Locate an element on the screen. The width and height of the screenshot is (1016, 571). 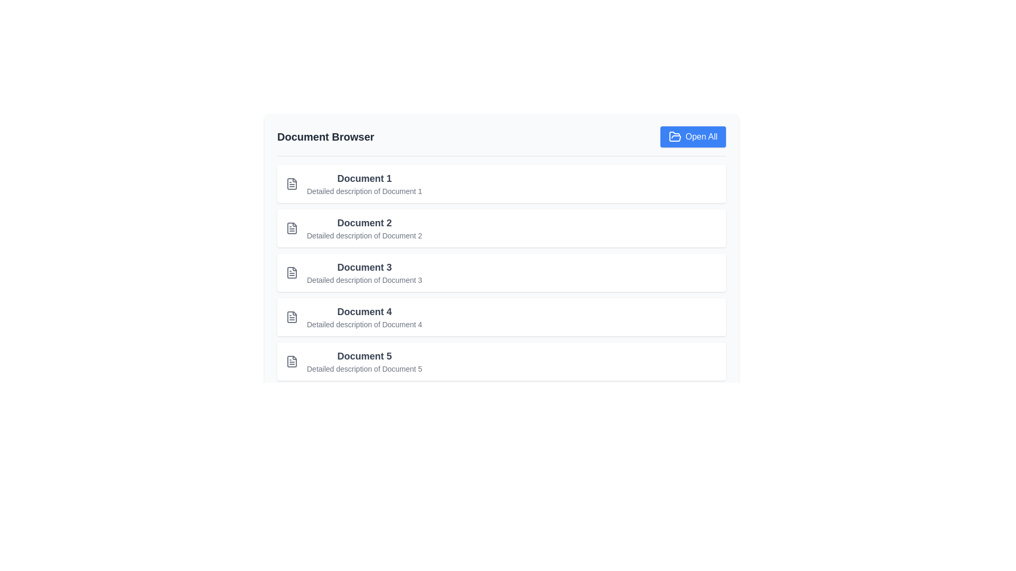
the document icon resembling a piece of paper with lines, located in the second row of the document list titled 'Document 2' is located at coordinates (292, 228).